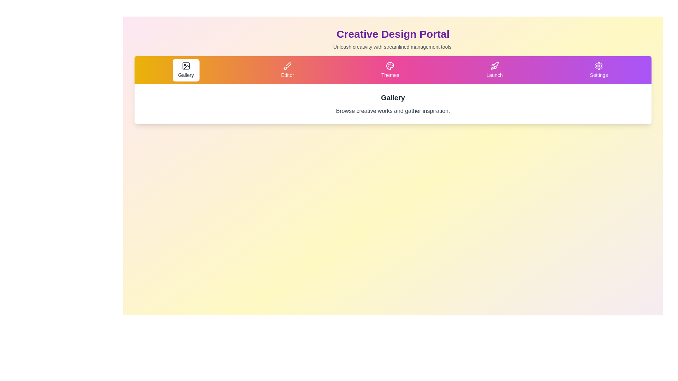 This screenshot has height=381, width=678. I want to click on the pink 'Themes' navigation button, which is the third button from the left in the horizontal navigation bar, so click(390, 70).